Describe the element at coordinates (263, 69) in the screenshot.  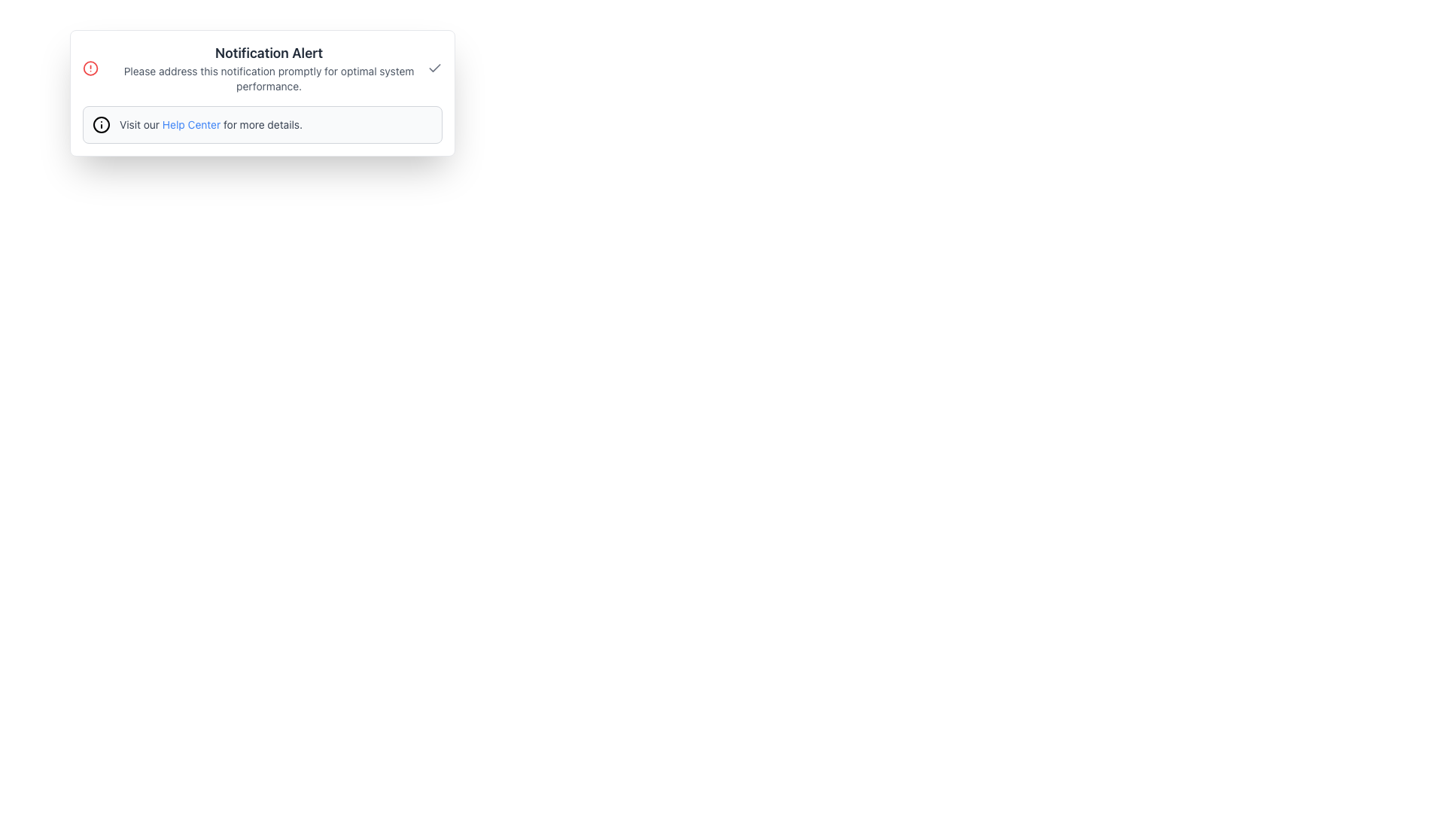
I see `the Notification bar at the top of the notification card that alerts users about important updates or messages` at that location.